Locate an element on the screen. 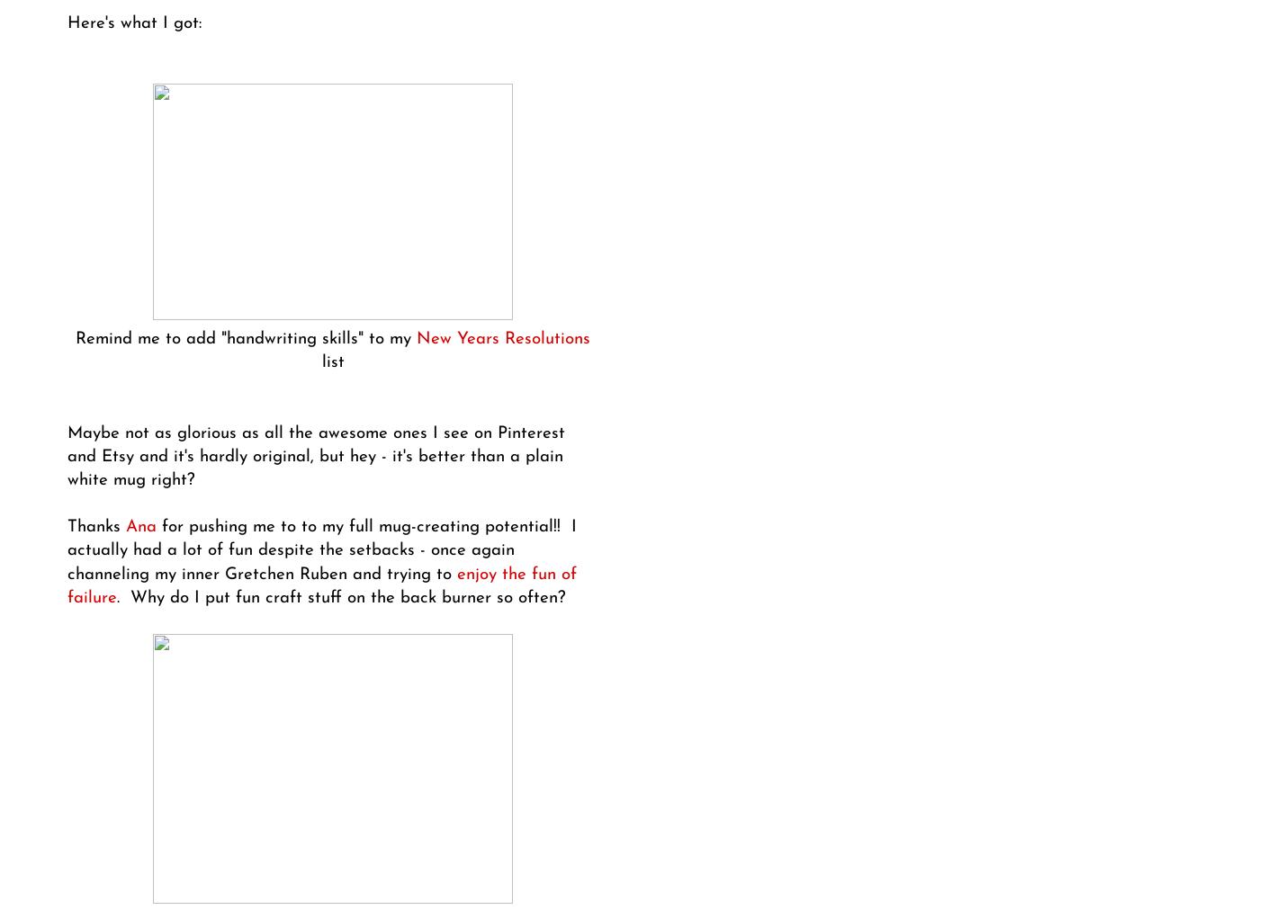 Image resolution: width=1267 pixels, height=910 pixels. '.  Why do I put fun craft stuff on the back burner so often?' is located at coordinates (340, 597).